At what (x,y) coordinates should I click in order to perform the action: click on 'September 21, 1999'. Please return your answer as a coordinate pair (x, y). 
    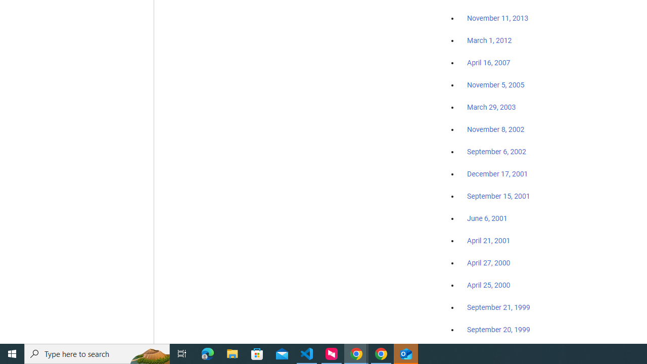
    Looking at the image, I should click on (498, 307).